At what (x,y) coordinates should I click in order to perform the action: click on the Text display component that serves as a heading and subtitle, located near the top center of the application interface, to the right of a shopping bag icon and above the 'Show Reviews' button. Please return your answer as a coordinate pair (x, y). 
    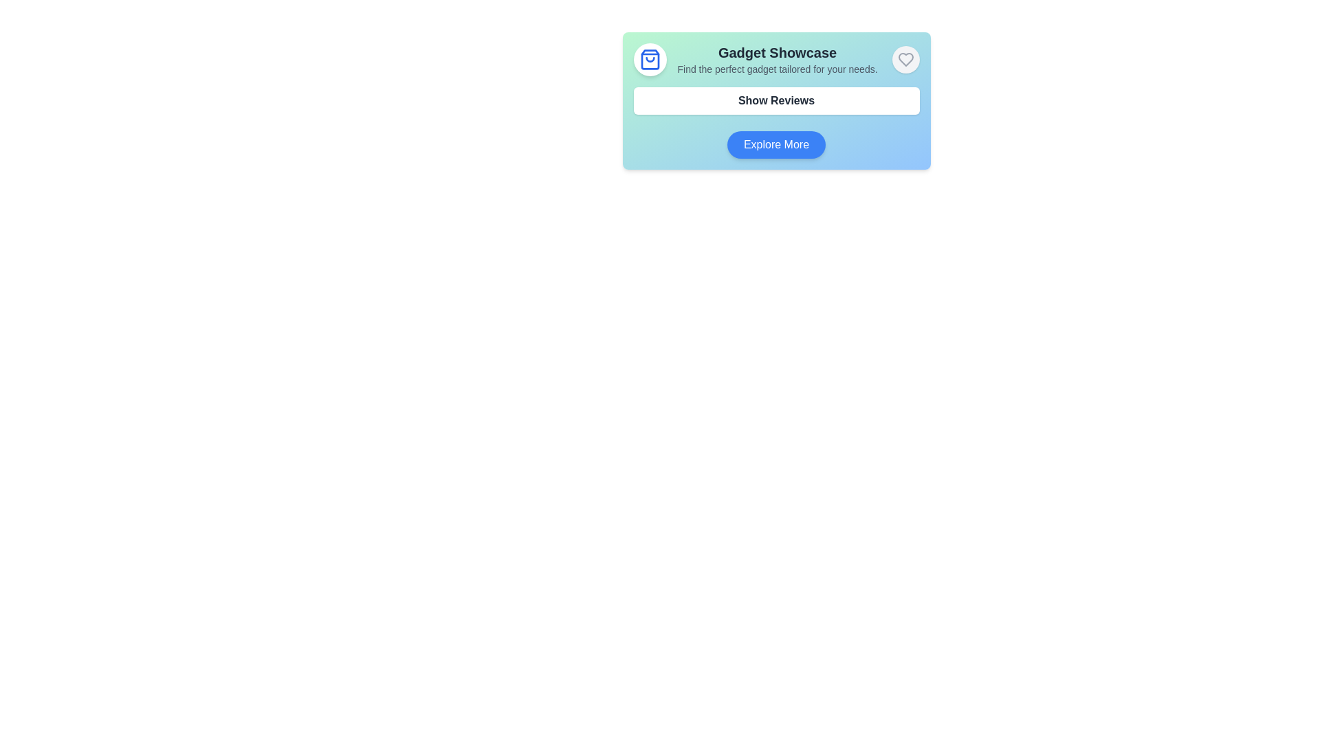
    Looking at the image, I should click on (778, 59).